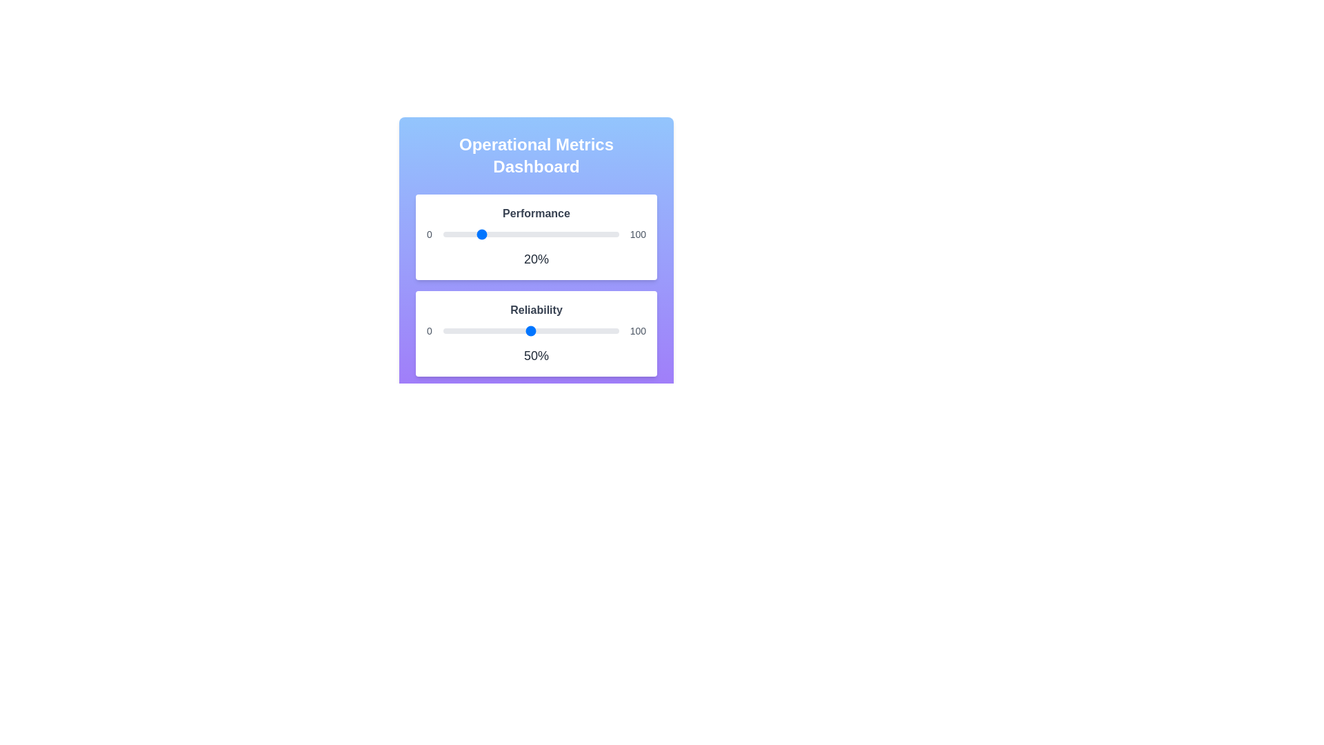 The width and height of the screenshot is (1324, 745). Describe the element at coordinates (428, 233) in the screenshot. I see `the static text label displaying '0', which is positioned to the left of a horizontal slider in the 'Performance' section` at that location.